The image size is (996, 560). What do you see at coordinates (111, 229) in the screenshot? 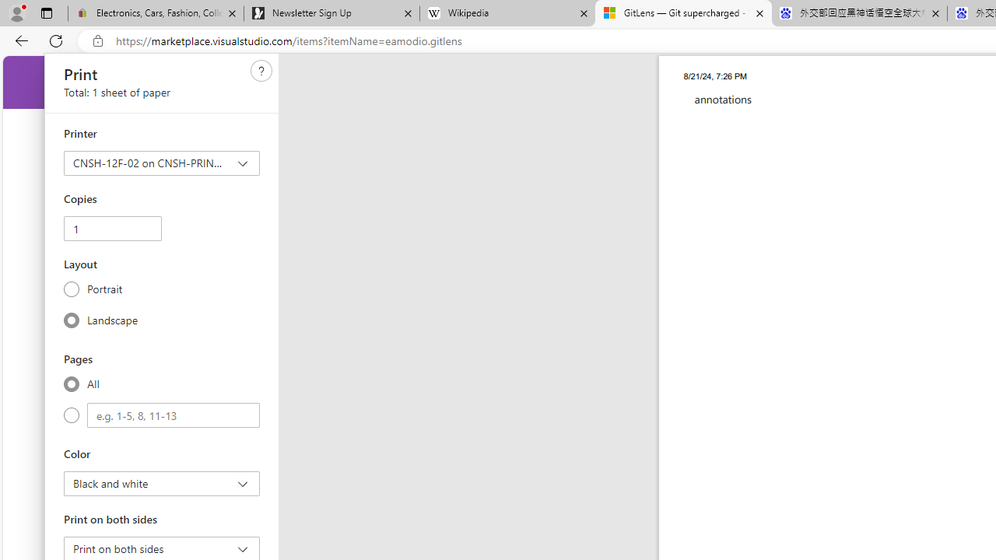
I see `'Copies'` at bounding box center [111, 229].